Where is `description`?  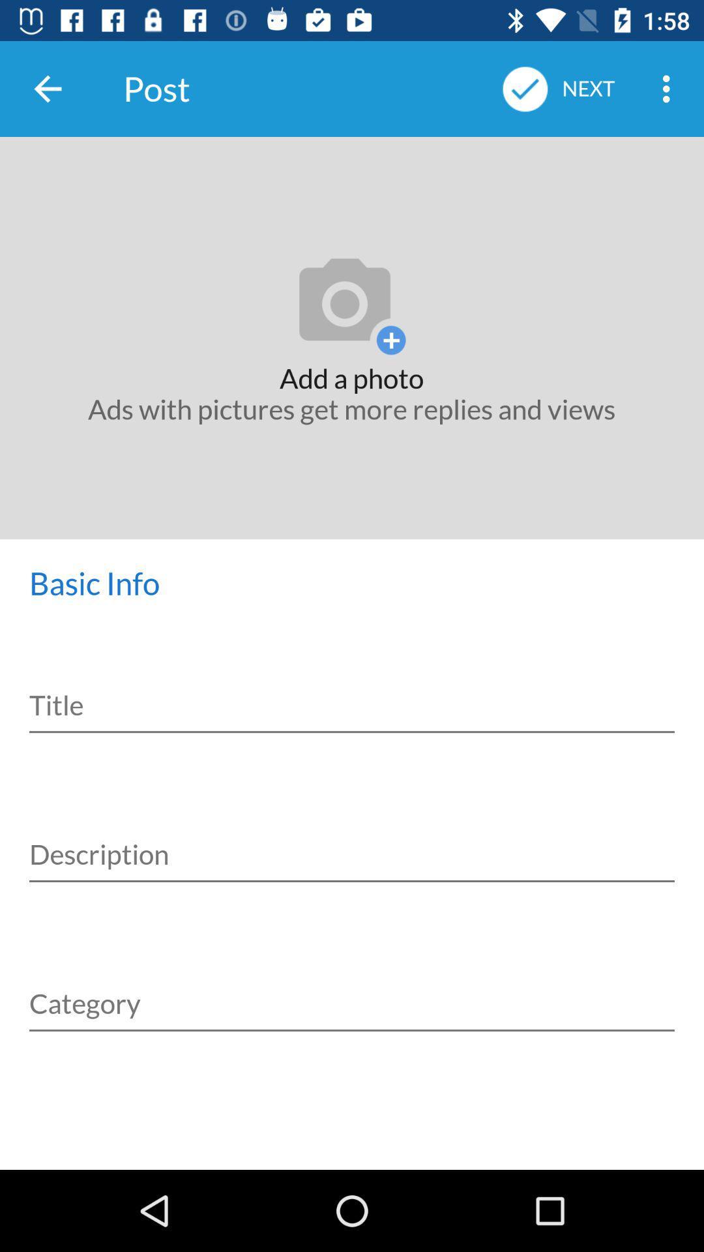 description is located at coordinates (352, 840).